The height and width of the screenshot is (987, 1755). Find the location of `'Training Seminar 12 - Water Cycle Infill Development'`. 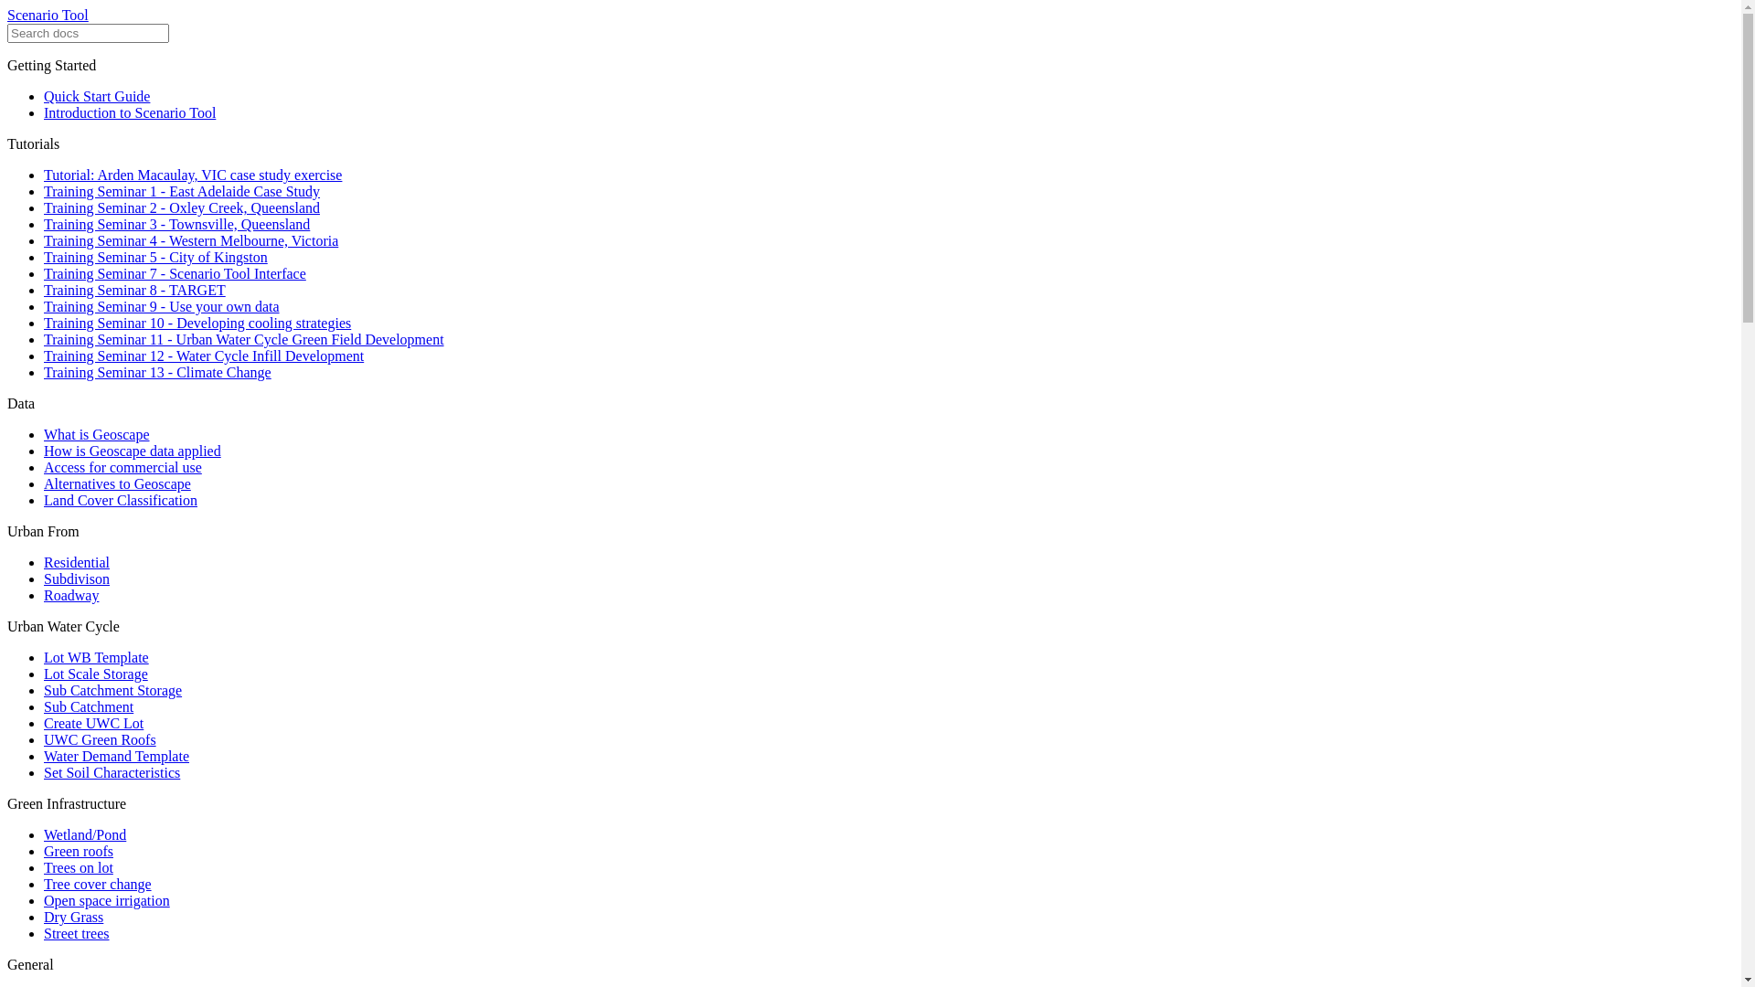

'Training Seminar 12 - Water Cycle Infill Development' is located at coordinates (203, 356).